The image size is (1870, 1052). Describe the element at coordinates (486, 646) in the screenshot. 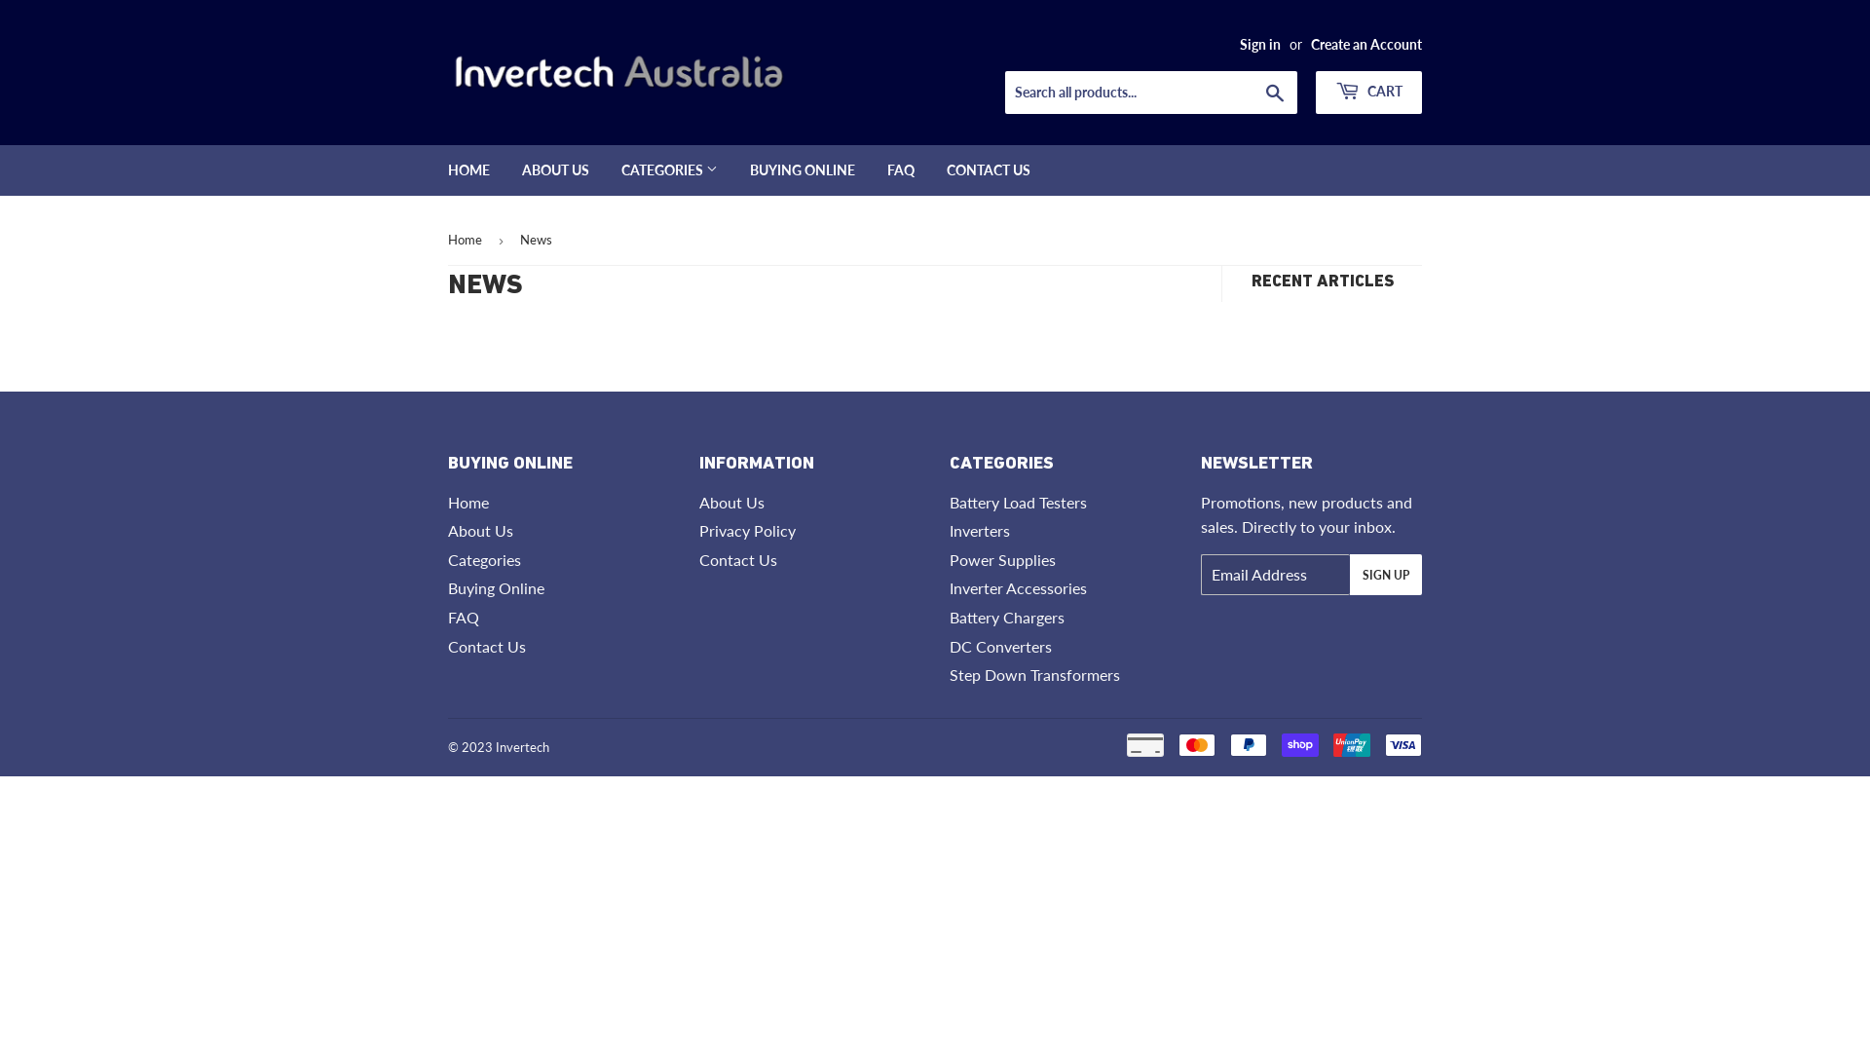

I see `'Contact Us'` at that location.